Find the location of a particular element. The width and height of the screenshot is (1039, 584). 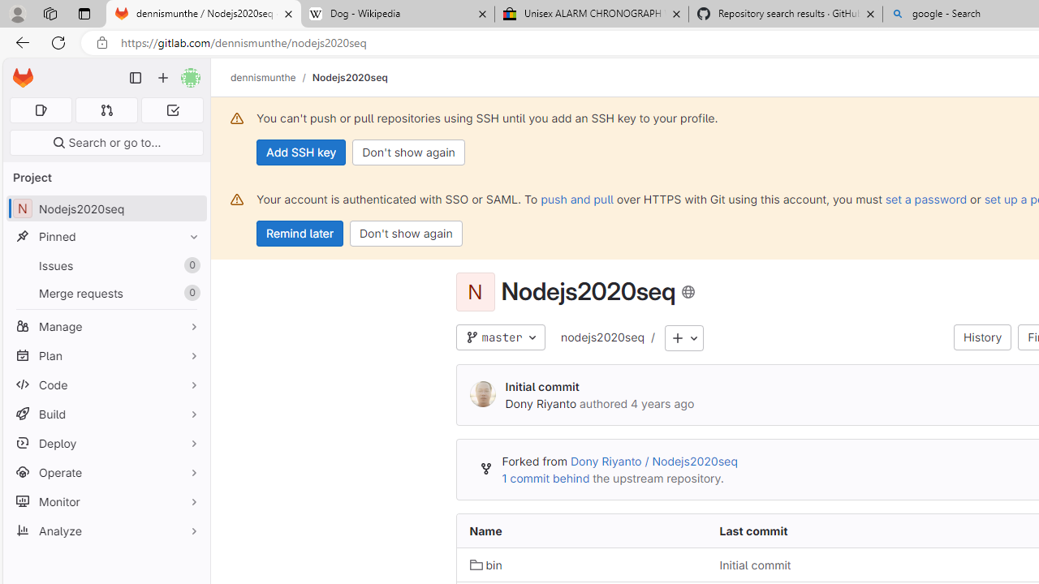

'Monitor' is located at coordinates (106, 500).